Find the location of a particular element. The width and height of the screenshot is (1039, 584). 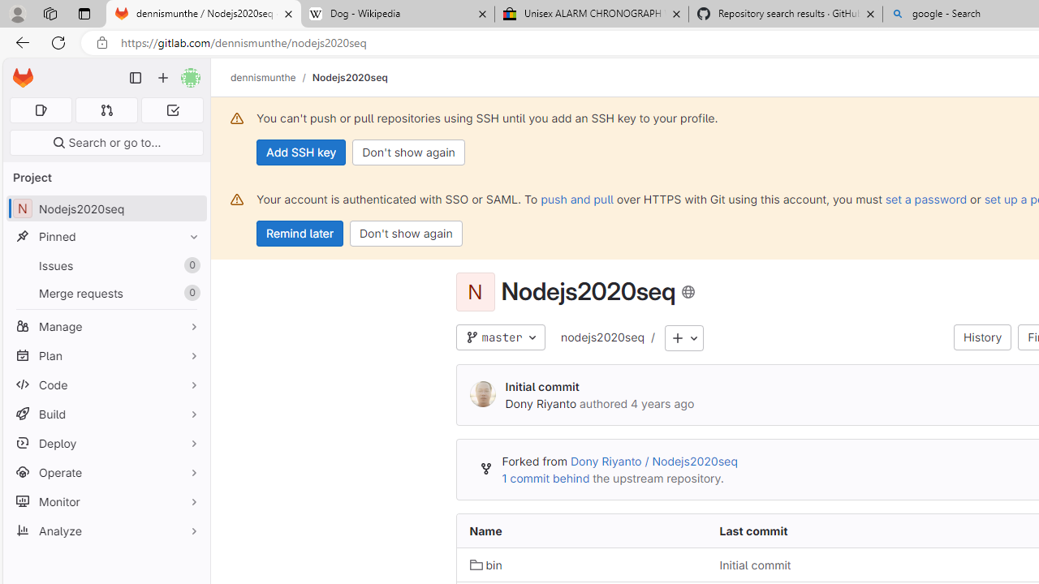

'Monitor' is located at coordinates (106, 500).